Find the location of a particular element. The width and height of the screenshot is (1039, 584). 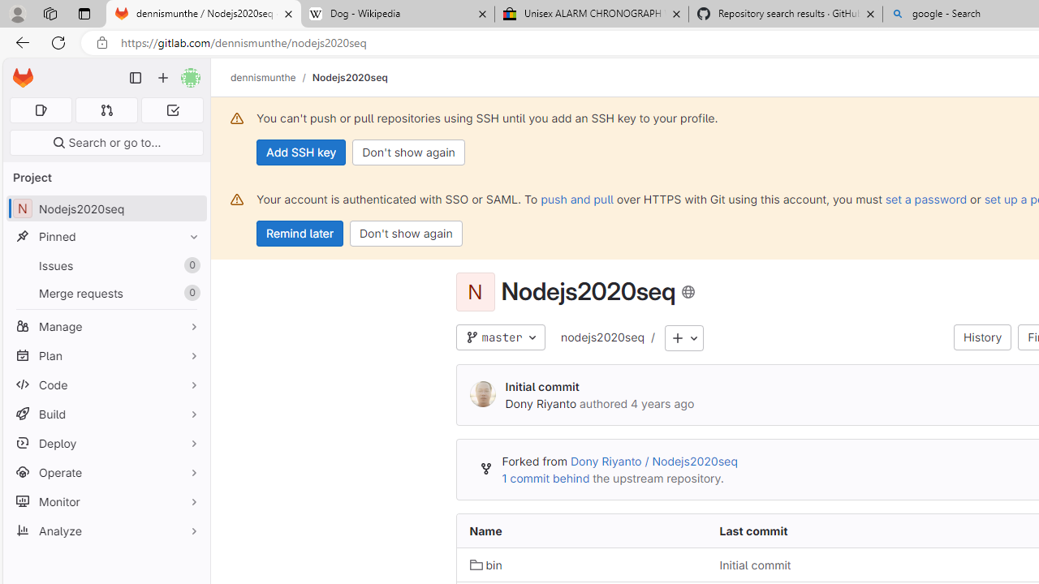

'Monitor' is located at coordinates (106, 500).